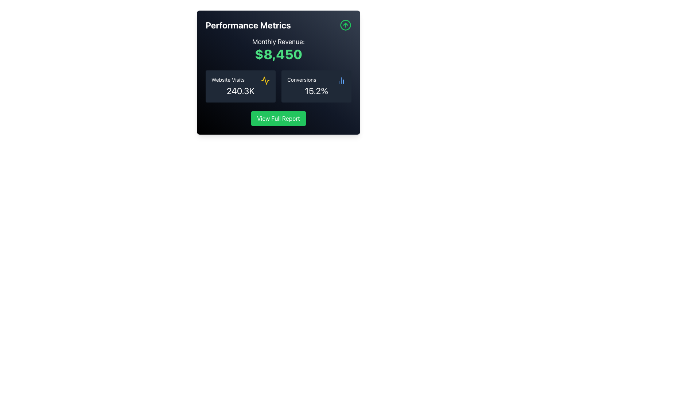  Describe the element at coordinates (341, 80) in the screenshot. I see `the performance chart icon, which is a blue icon composed of three vertical bars arranged in a column chart style, located to the right of the 'Conversions' text within the 'Performance Metrics' card` at that location.